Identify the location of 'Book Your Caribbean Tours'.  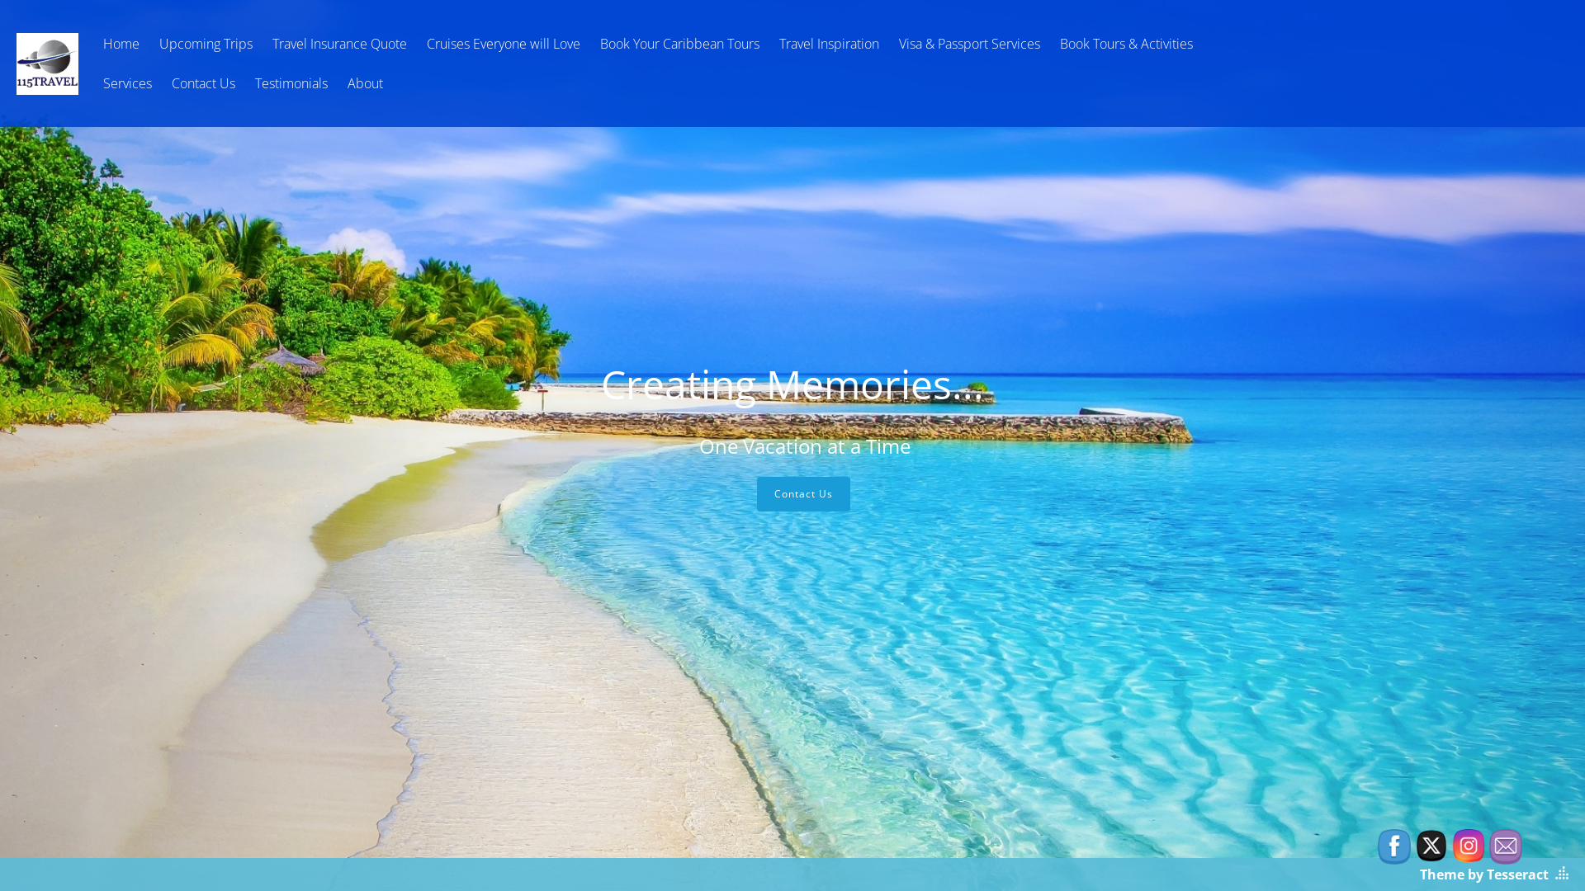
(679, 43).